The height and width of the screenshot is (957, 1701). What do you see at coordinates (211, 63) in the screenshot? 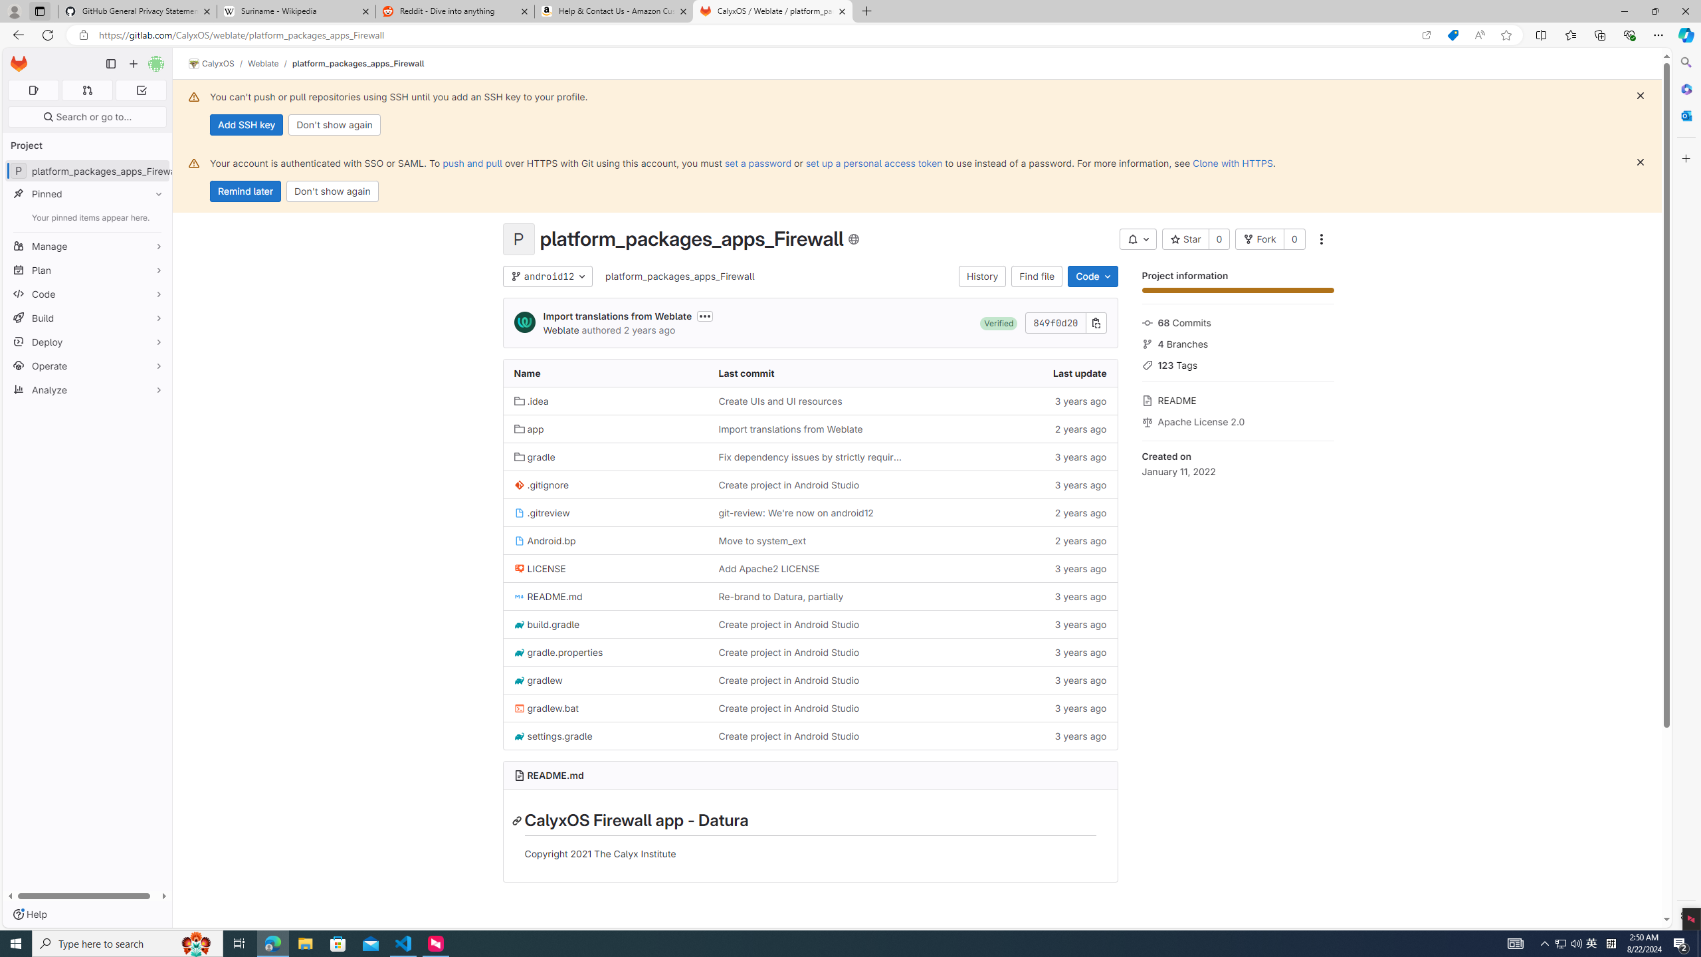
I see `'CalyxOS'` at bounding box center [211, 63].